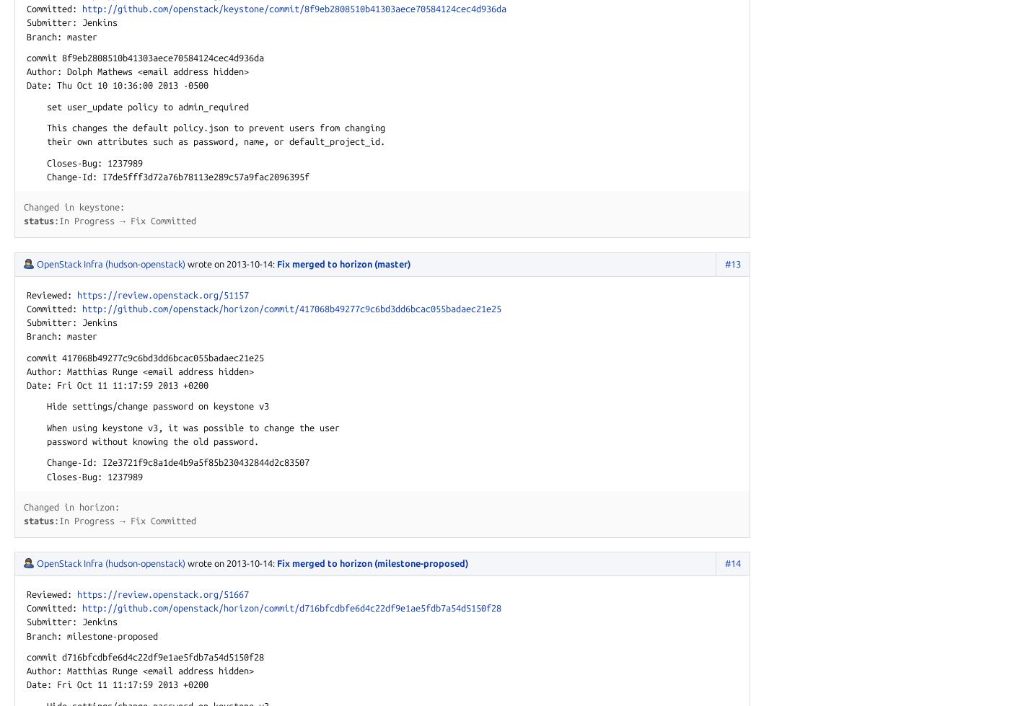 The width and height of the screenshot is (1010, 706). Describe the element at coordinates (337, 607) in the screenshot. I see `'d716bfcdbfe6d4c'` at that location.